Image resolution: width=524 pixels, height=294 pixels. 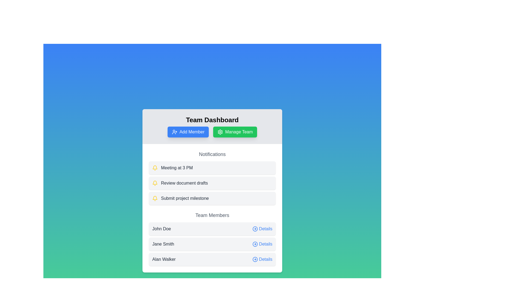 What do you see at coordinates (185, 198) in the screenshot?
I see `the third notification item in the 'Notifications' section, which indicates a specific notification about a project milestone submission, located between 'Review document drafts' and 'Team Members'` at bounding box center [185, 198].